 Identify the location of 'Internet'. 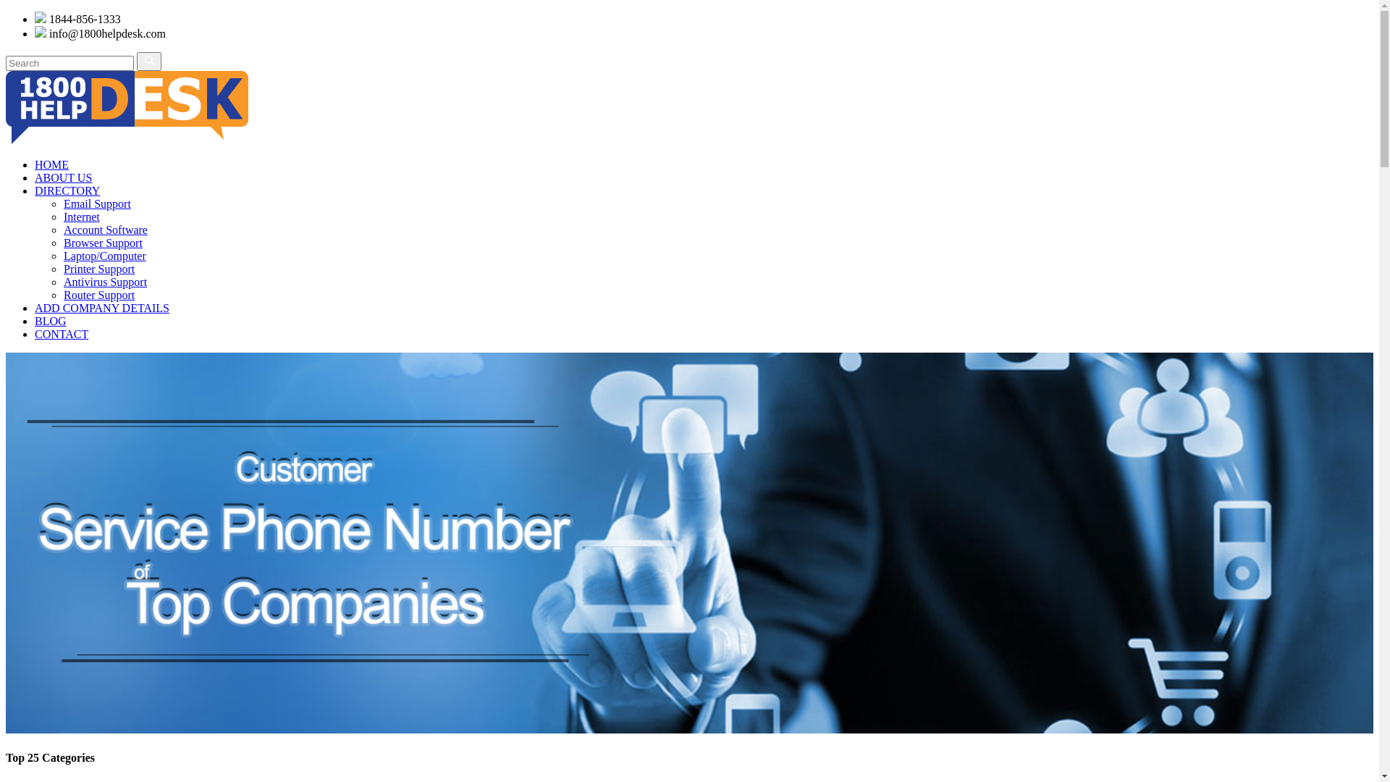
(62, 216).